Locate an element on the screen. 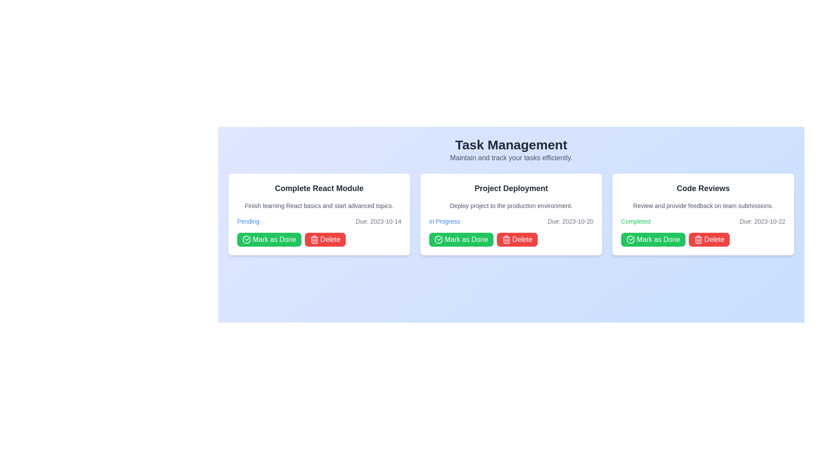 This screenshot has width=834, height=469. the 'Mark as Done' button, which has a white text label on a green background and is located at the lower right portion of the 'Code Reviews' task card is located at coordinates (658, 239).